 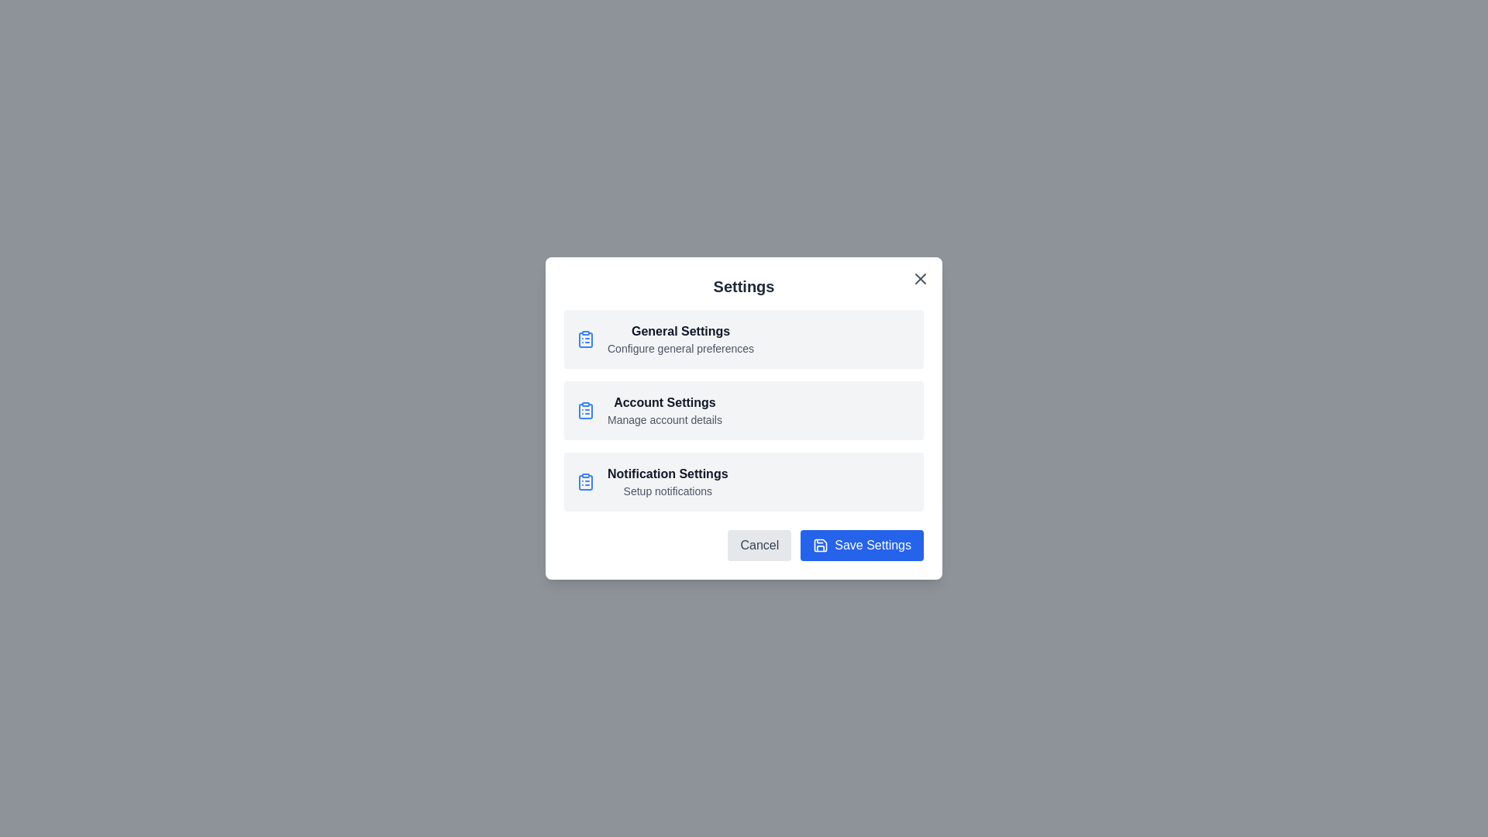 I want to click on the icon located to the left of the 'General Settings' text to interact with the section, so click(x=584, y=339).